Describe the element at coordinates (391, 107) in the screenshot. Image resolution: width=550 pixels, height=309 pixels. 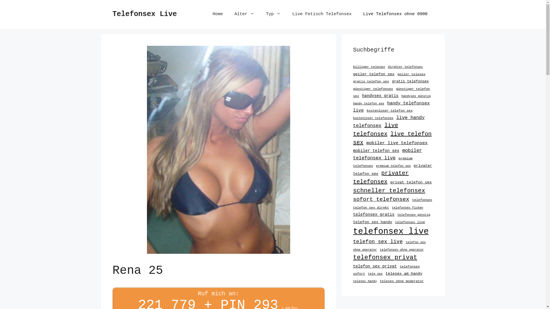
I see `'handy telefonsex live'` at that location.